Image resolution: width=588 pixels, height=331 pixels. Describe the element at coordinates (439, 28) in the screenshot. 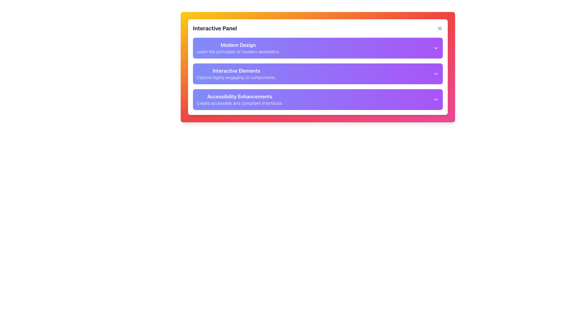

I see `the graphical 'close' or 'cancel' button located near the top-right corner of the interface header` at that location.